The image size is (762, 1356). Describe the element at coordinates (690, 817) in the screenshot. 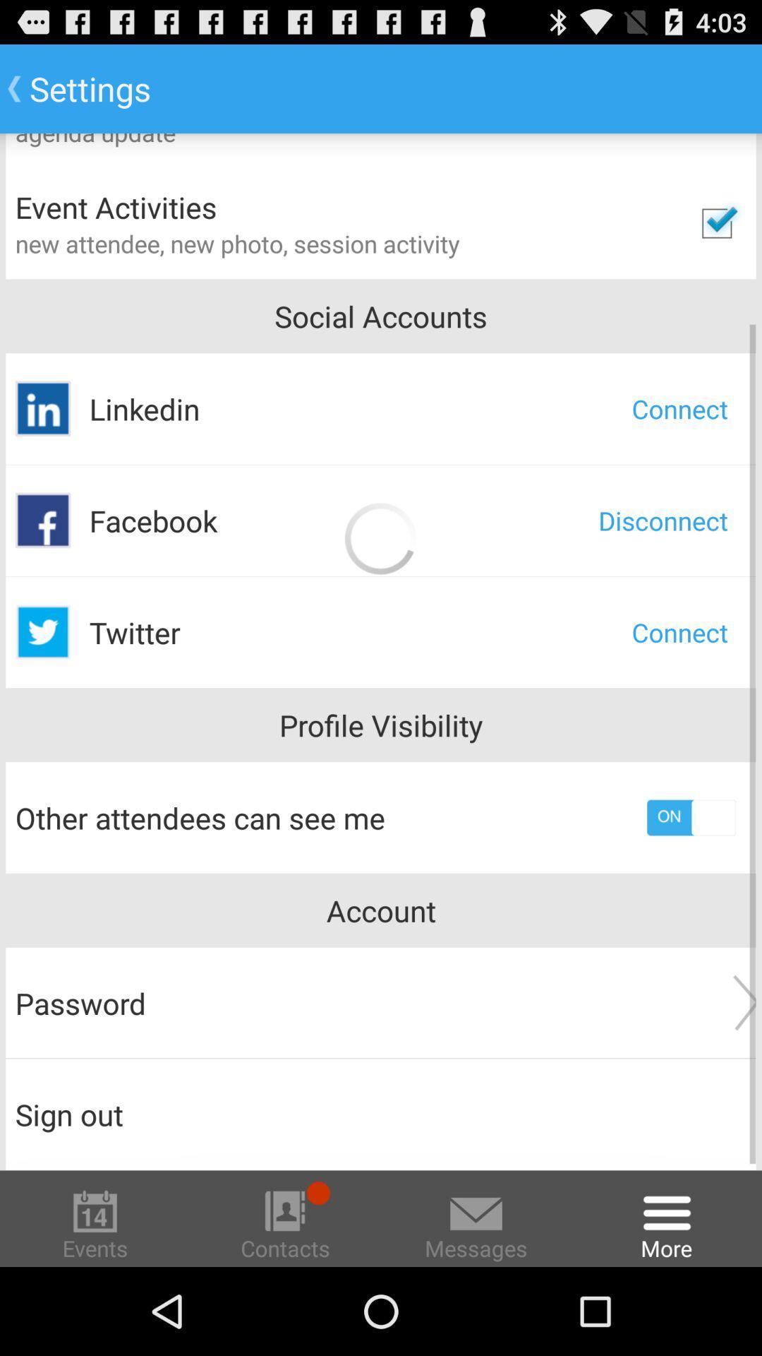

I see `profile visibility option` at that location.